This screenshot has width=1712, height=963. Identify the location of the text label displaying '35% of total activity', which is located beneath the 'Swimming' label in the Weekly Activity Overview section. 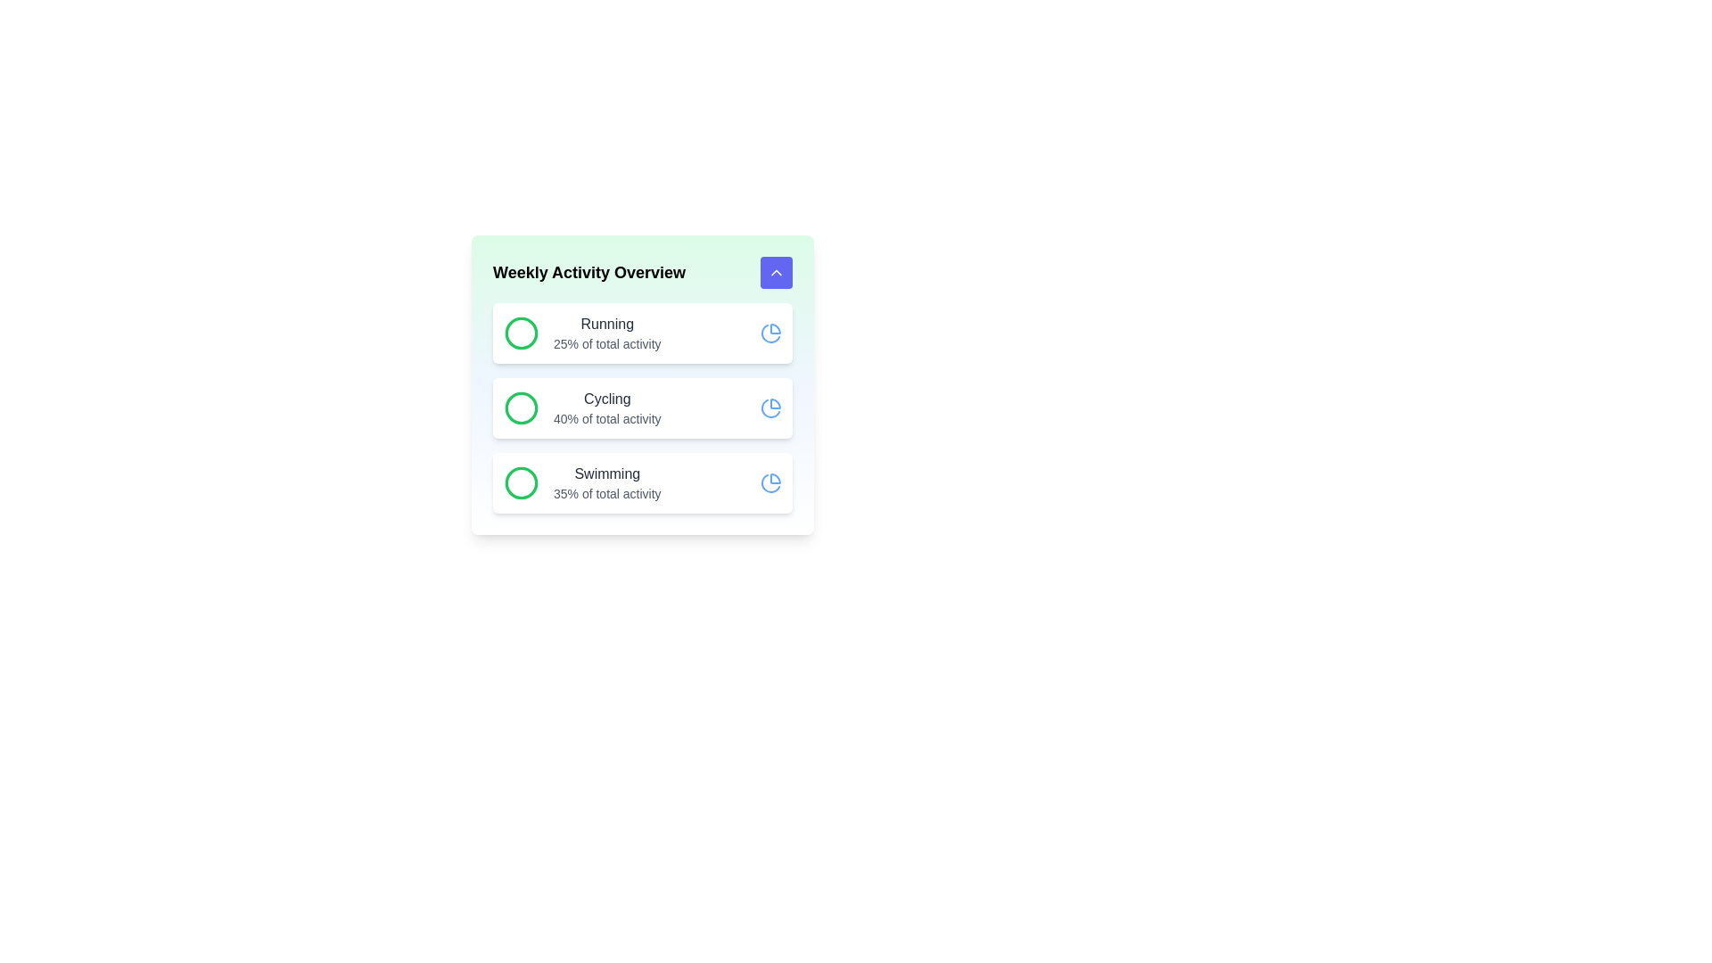
(607, 494).